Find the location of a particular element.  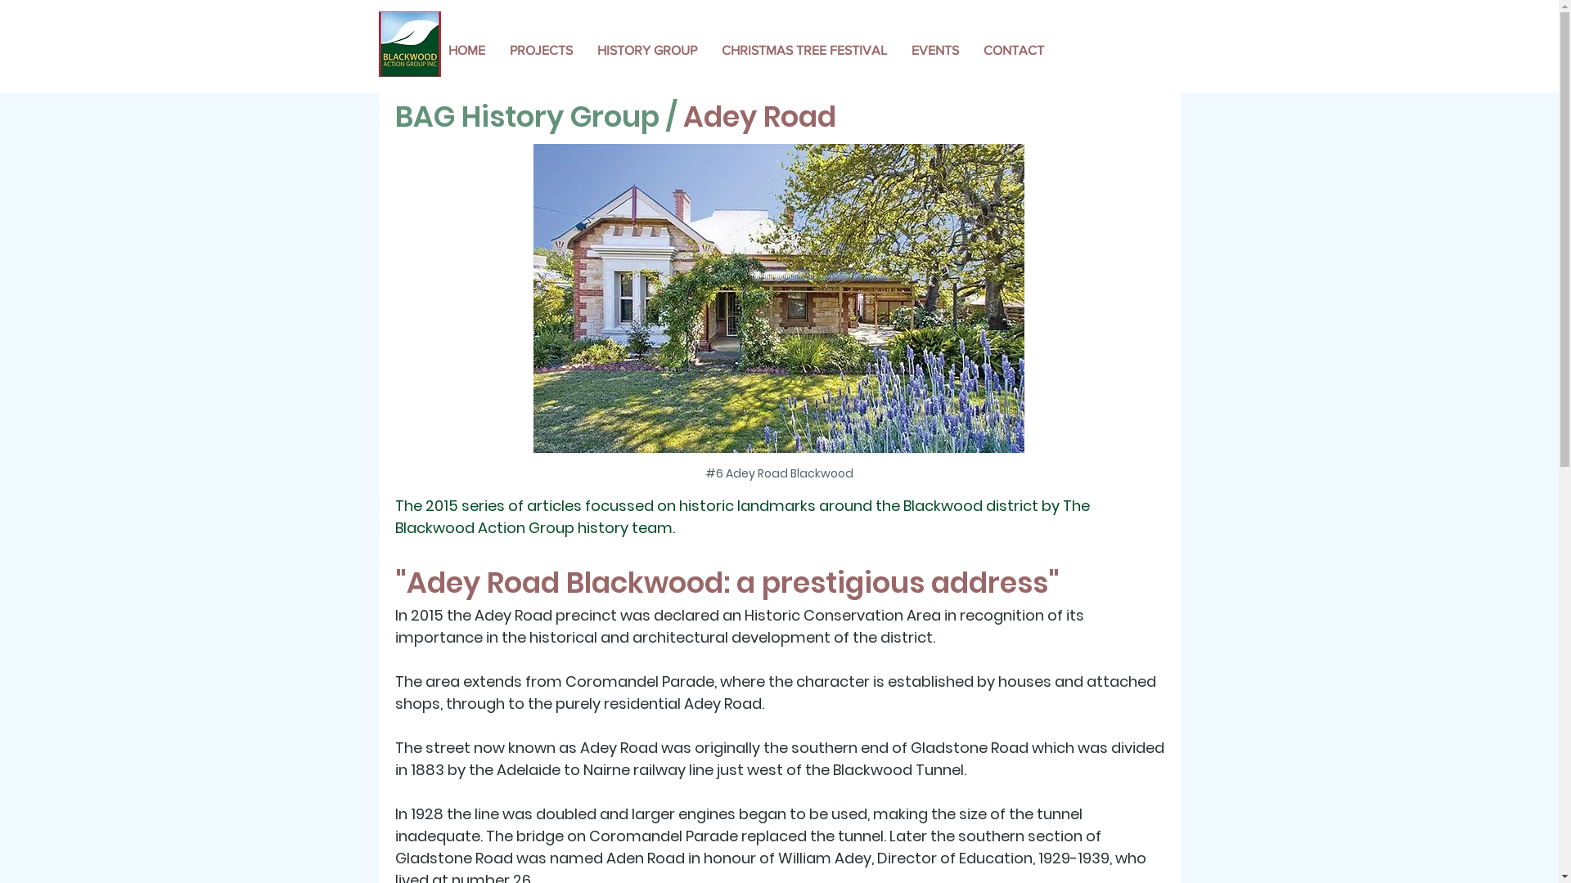

'BAGLogo.jpg' is located at coordinates (408, 43).